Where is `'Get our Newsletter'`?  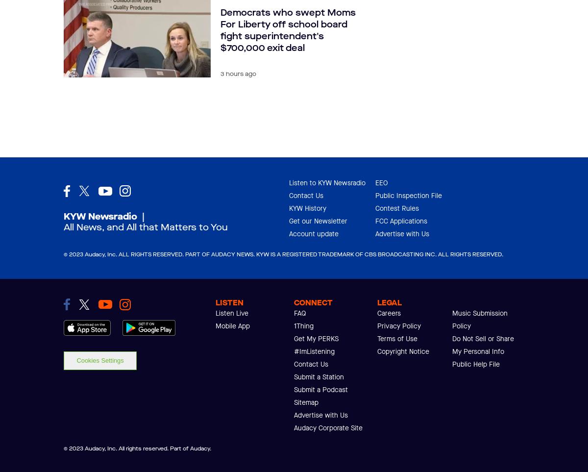 'Get our Newsletter' is located at coordinates (318, 221).